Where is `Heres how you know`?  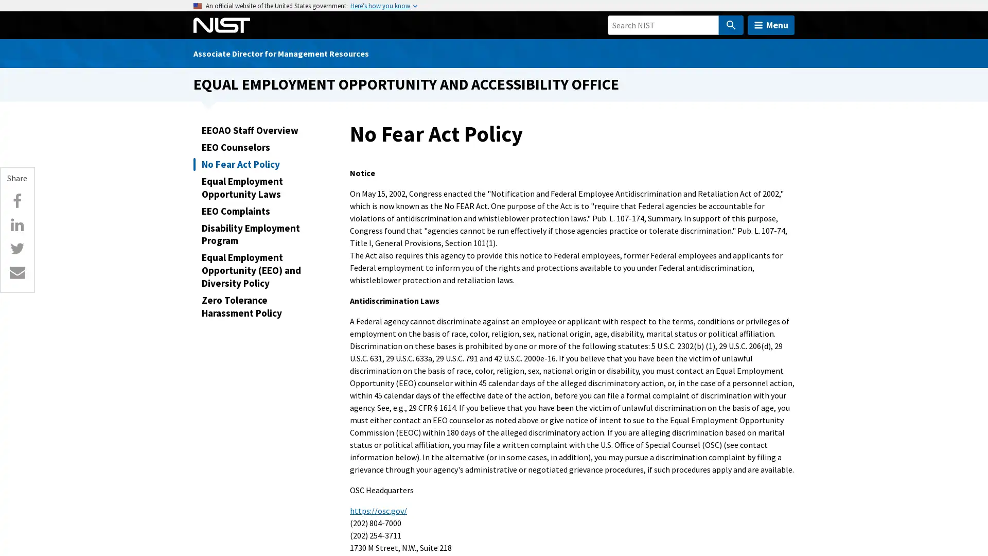
Heres how you know is located at coordinates (380, 6).